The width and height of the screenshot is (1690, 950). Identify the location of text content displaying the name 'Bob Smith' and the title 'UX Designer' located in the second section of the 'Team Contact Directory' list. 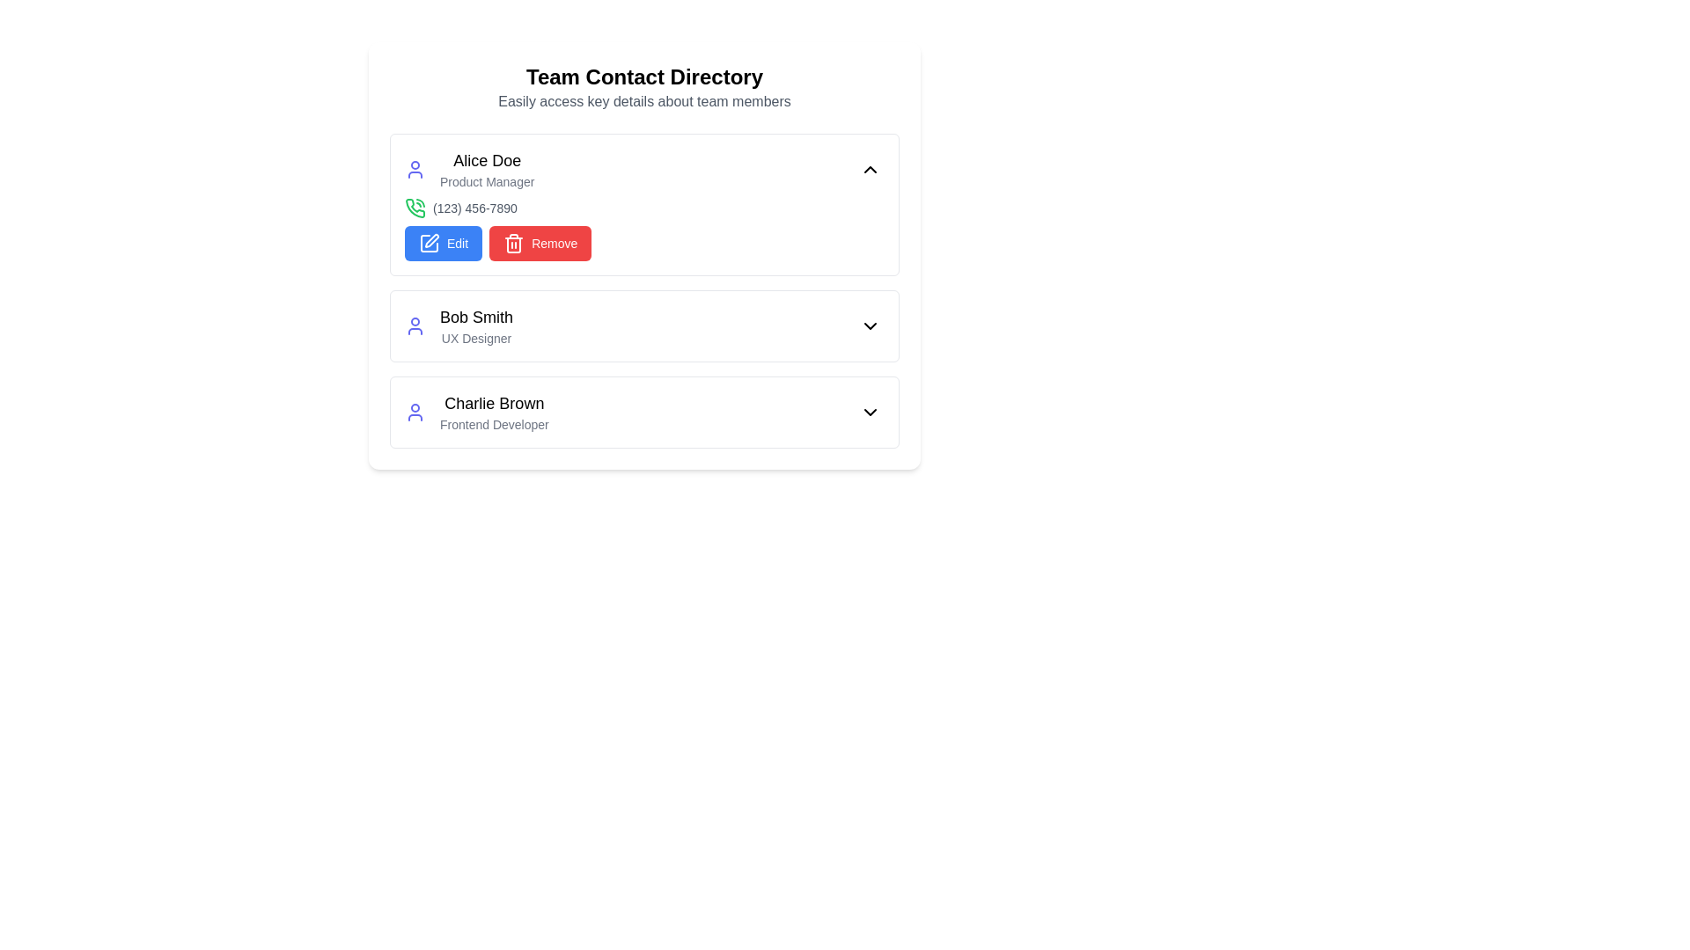
(476, 325).